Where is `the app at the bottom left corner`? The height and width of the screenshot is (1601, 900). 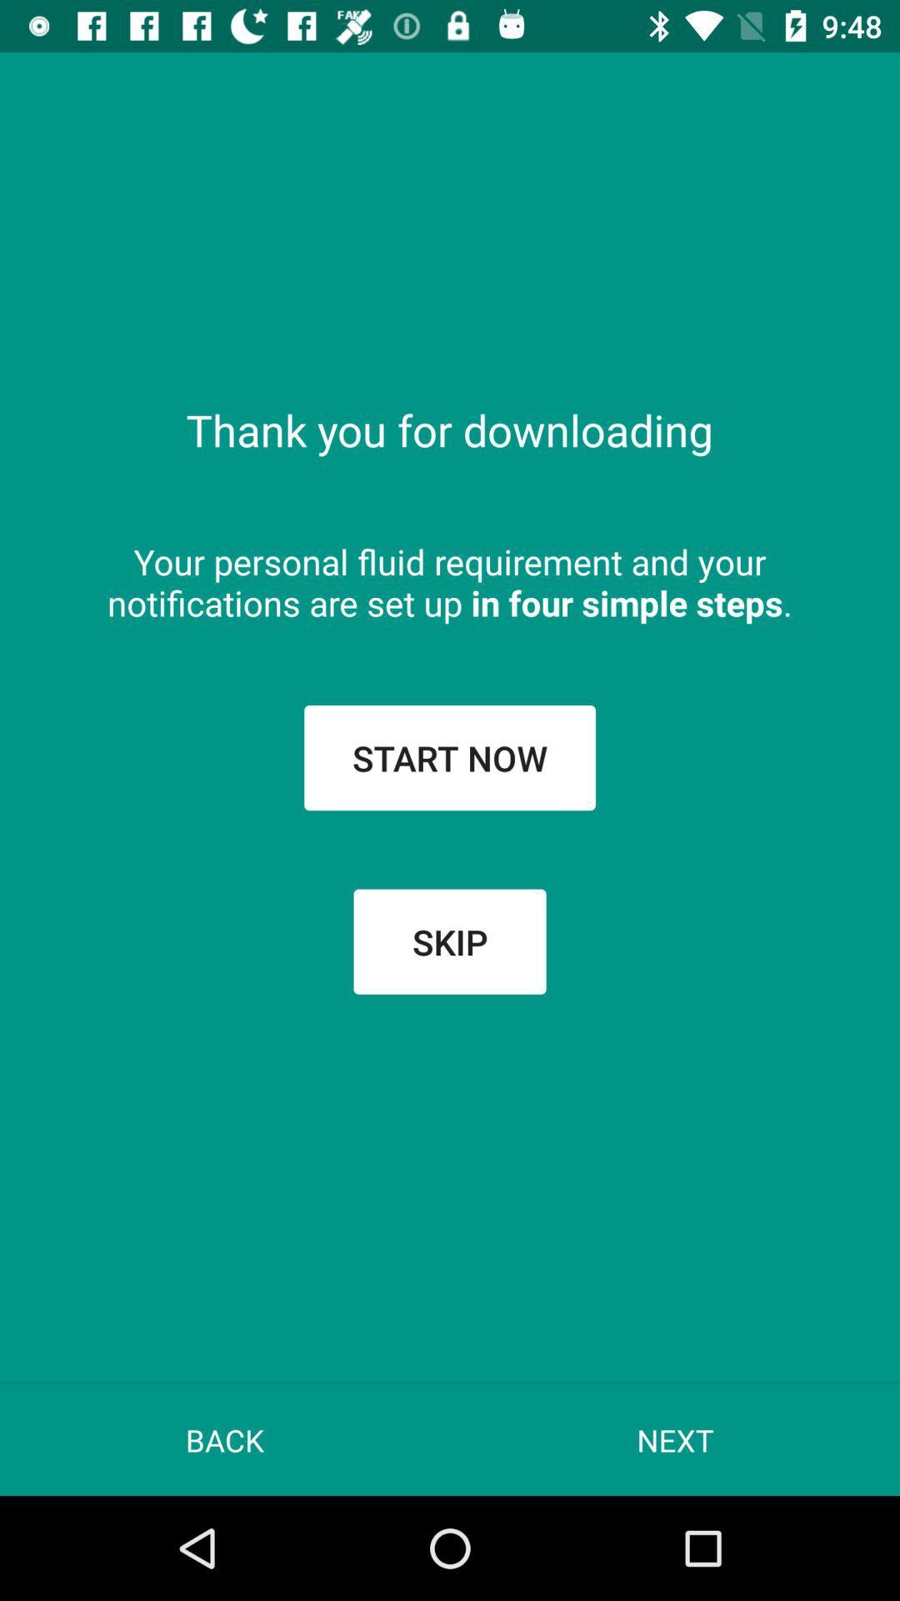
the app at the bottom left corner is located at coordinates (225, 1439).